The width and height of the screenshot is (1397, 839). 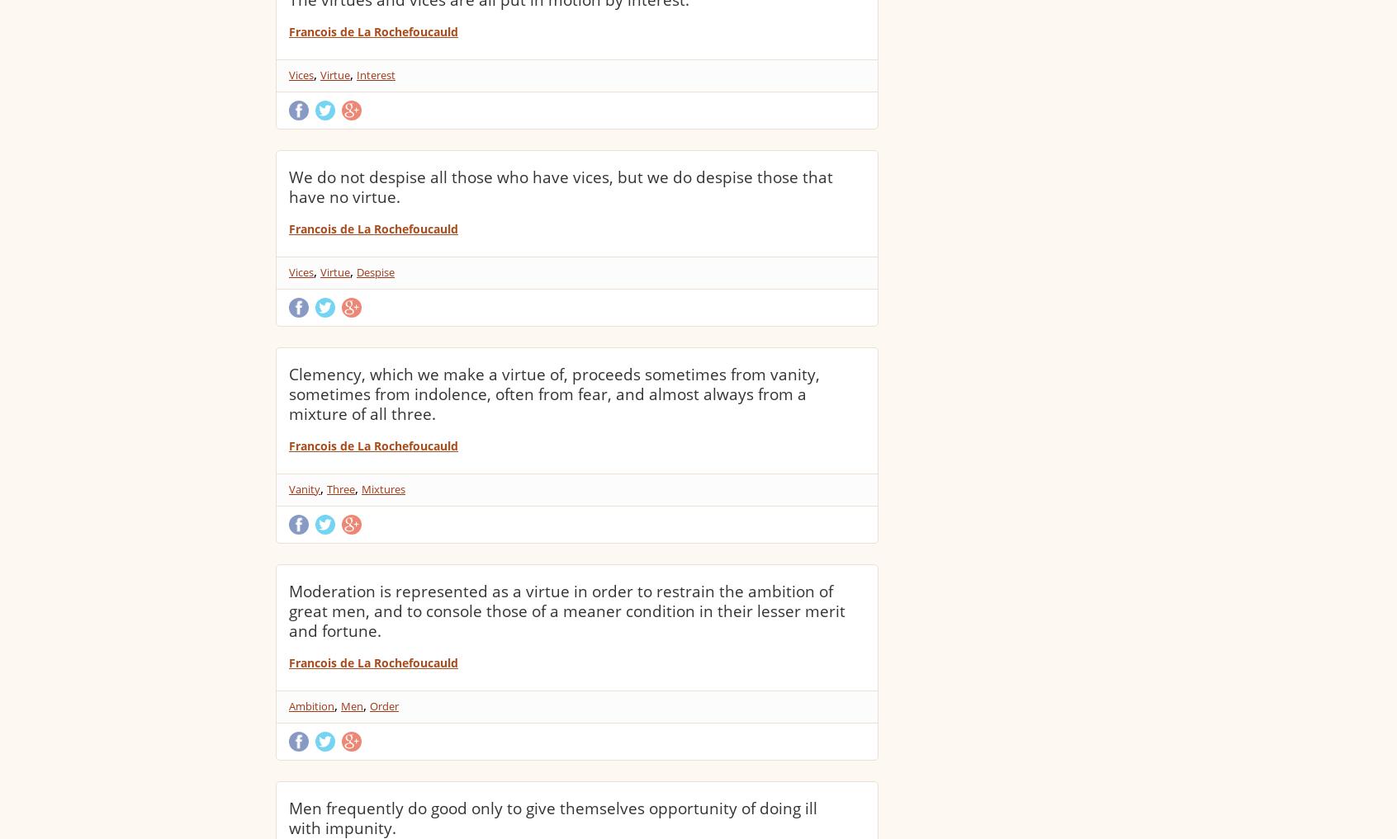 I want to click on 'Ambition', so click(x=311, y=706).